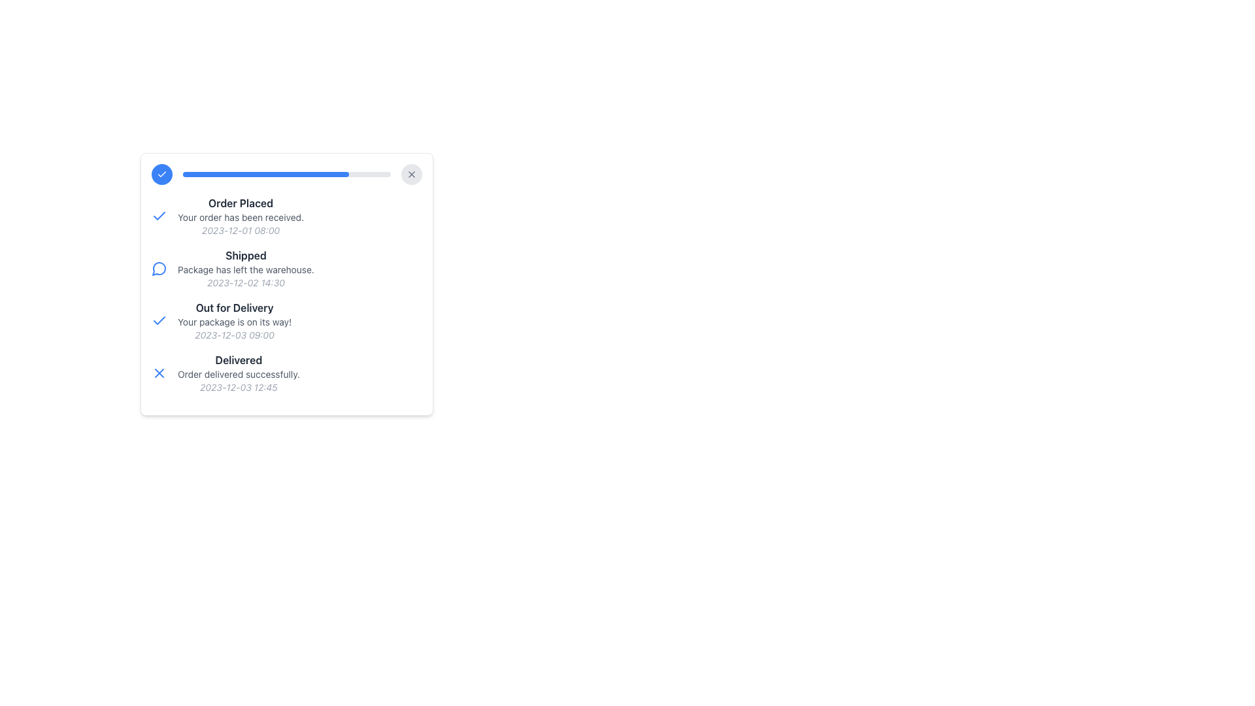 This screenshot has width=1255, height=706. I want to click on the 'Delivered' milestone text display component located at the bottom of the delivery status timeline, so click(239, 373).